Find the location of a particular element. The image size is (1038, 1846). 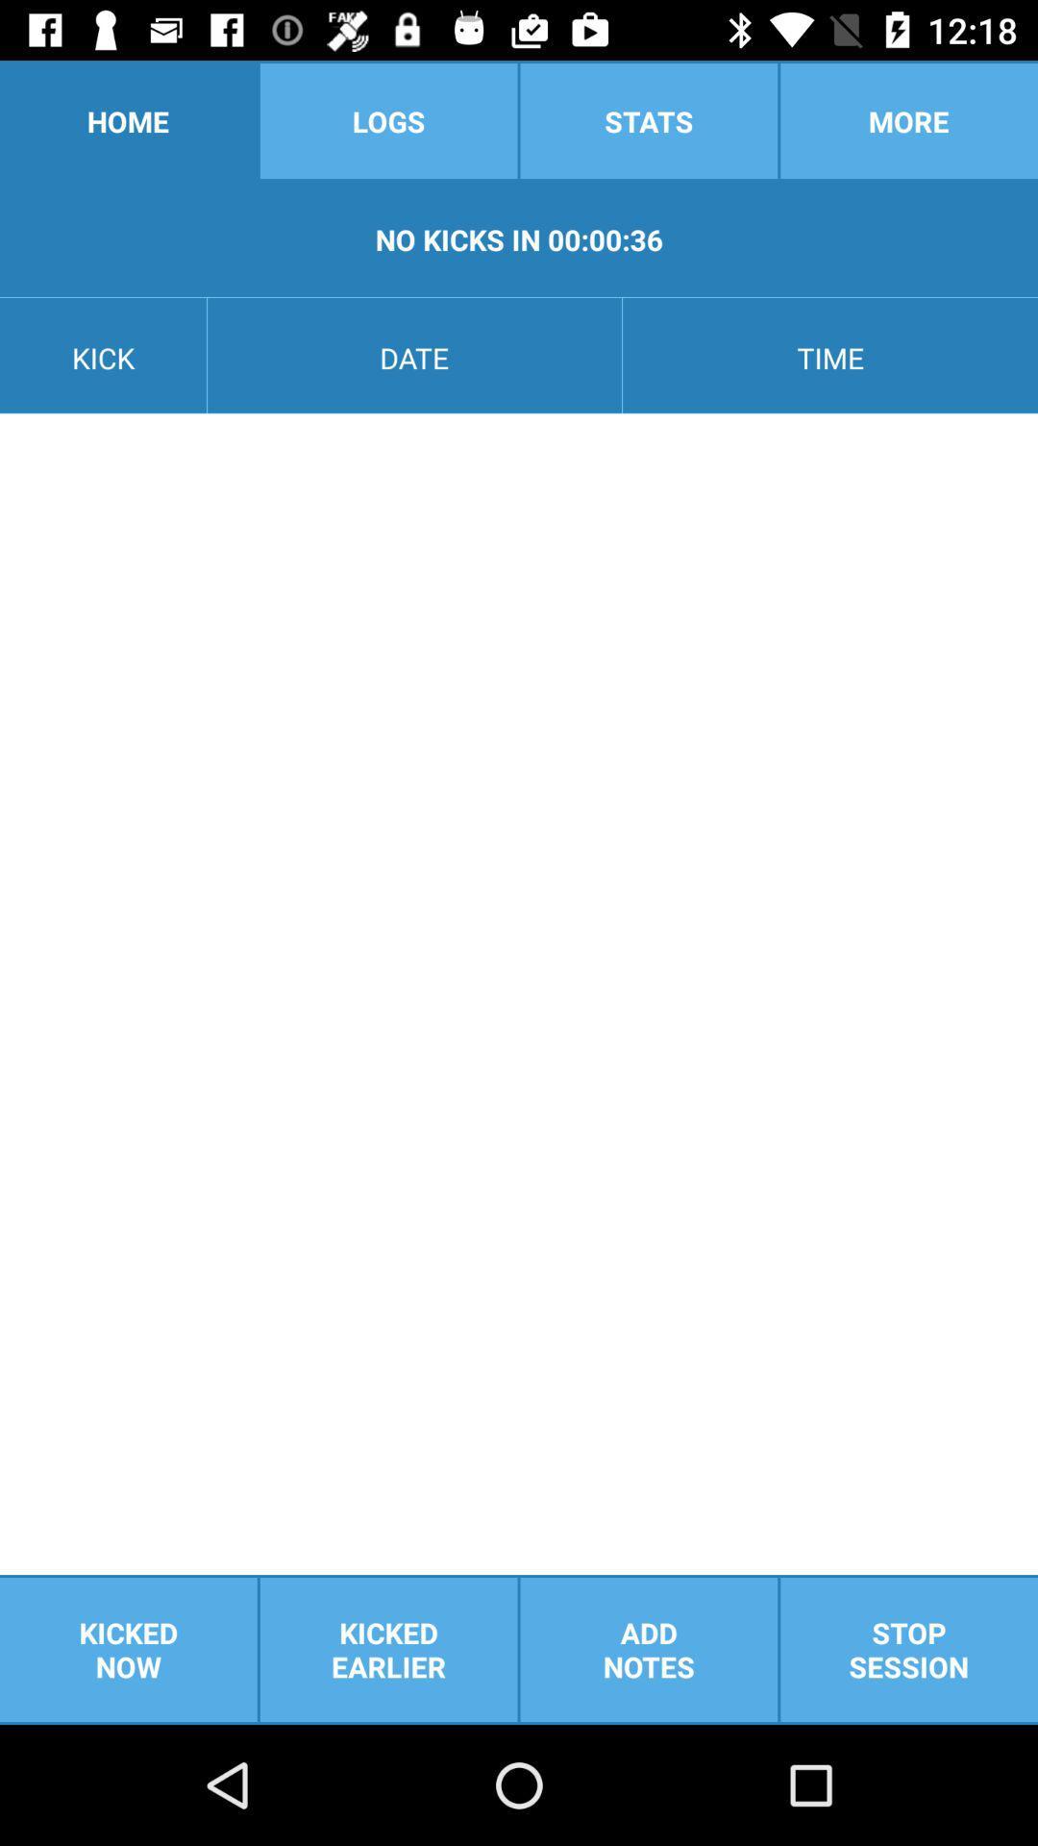

logs is located at coordinates (388, 119).